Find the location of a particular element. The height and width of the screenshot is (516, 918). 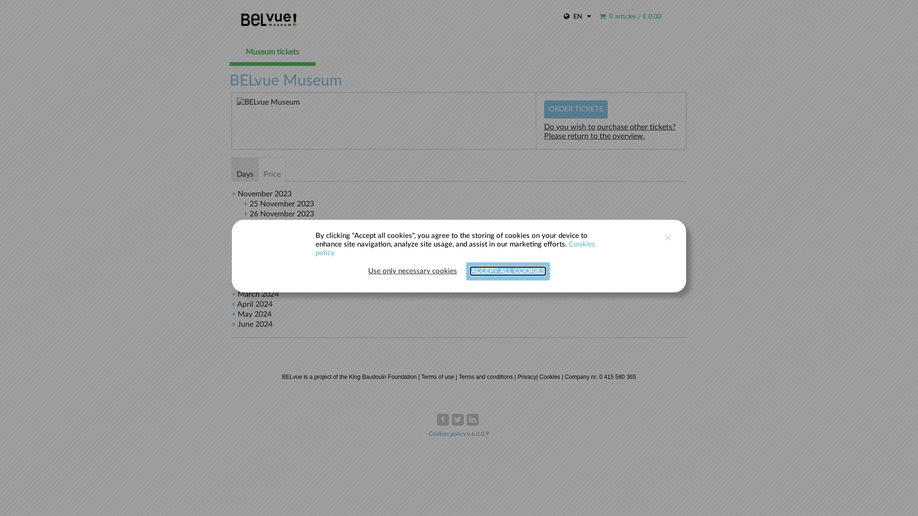

'26 November 2023' is located at coordinates (281, 213).